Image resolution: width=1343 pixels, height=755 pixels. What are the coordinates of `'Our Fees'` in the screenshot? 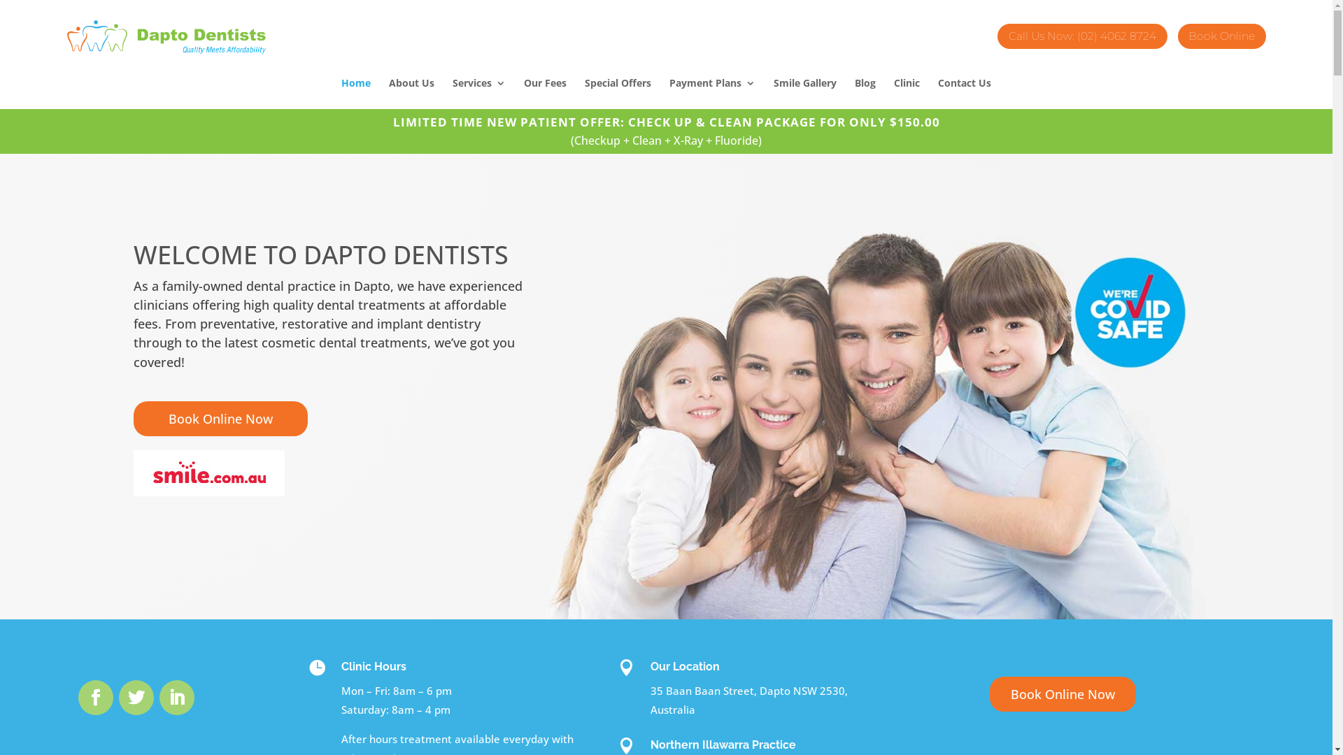 It's located at (544, 94).